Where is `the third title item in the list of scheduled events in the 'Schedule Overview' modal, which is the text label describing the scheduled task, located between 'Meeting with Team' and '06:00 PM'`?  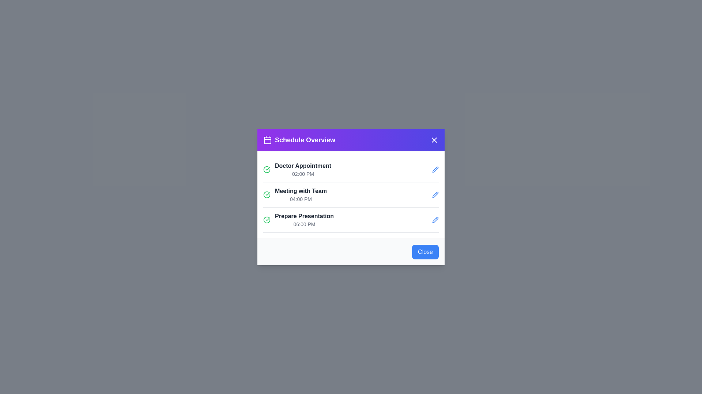 the third title item in the list of scheduled events in the 'Schedule Overview' modal, which is the text label describing the scheduled task, located between 'Meeting with Team' and '06:00 PM' is located at coordinates (304, 216).